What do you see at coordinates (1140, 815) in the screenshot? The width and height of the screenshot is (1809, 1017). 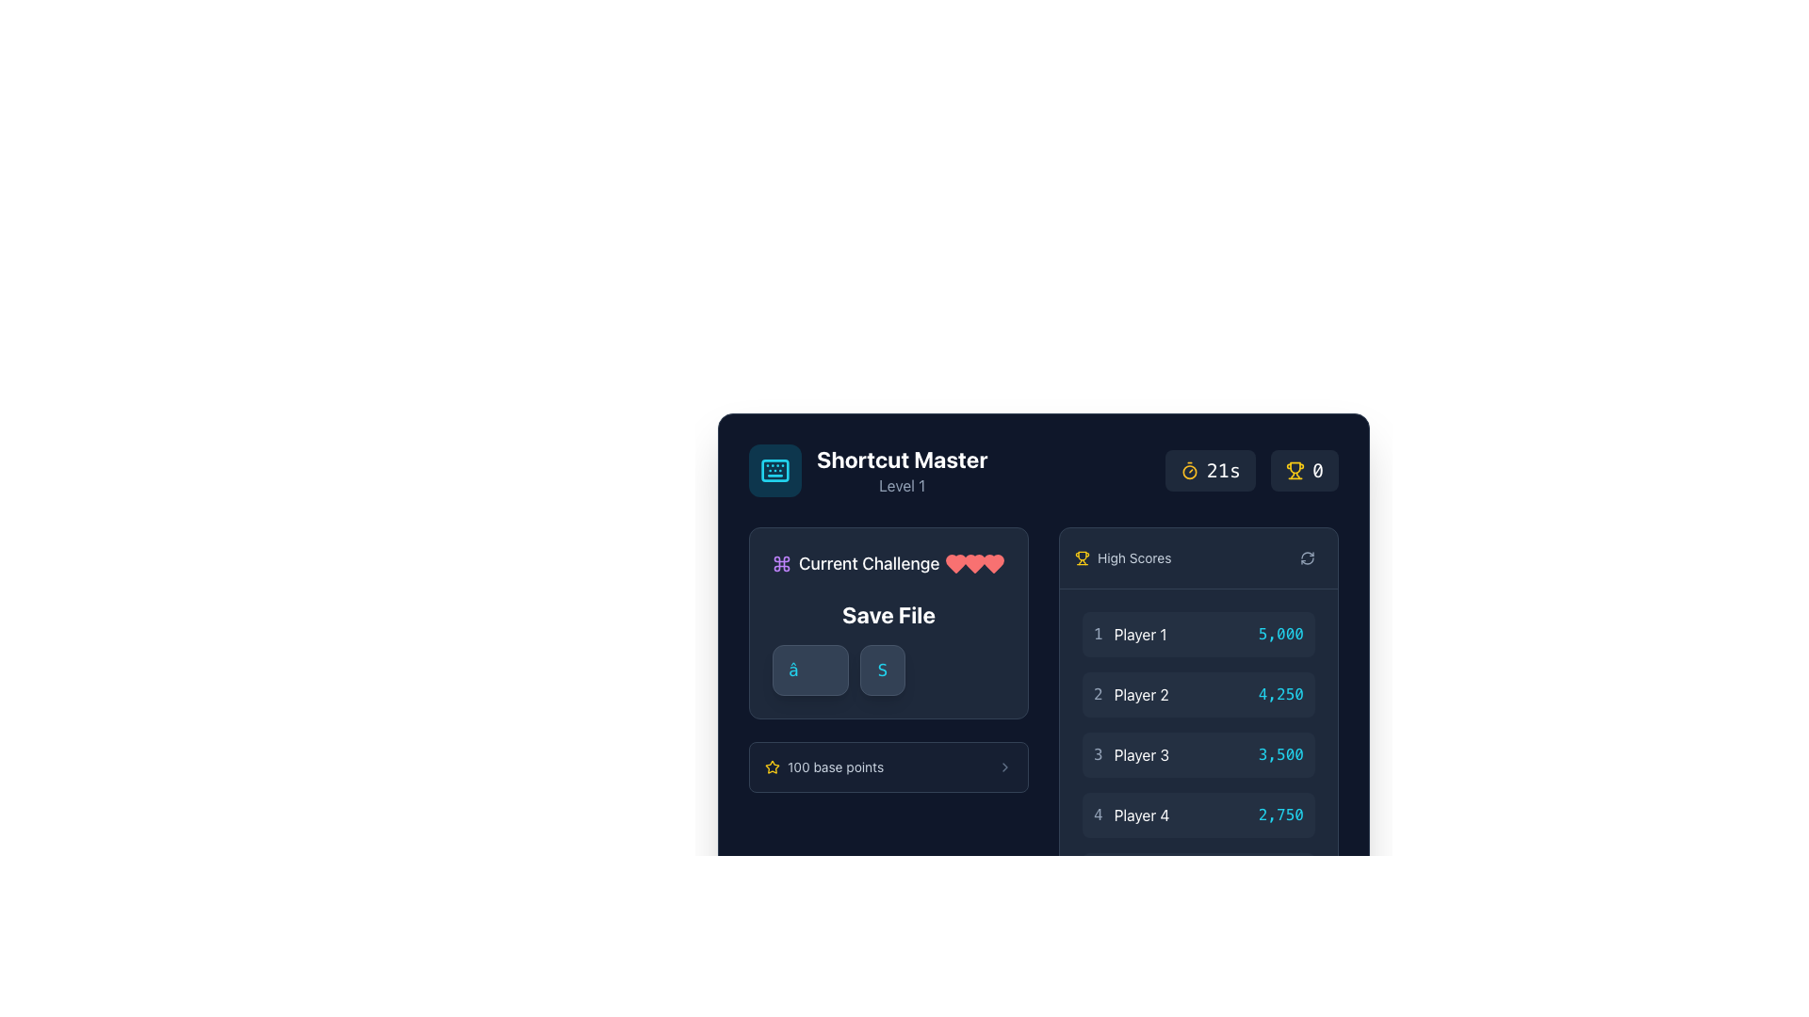 I see `the text label displaying 'Player 4' in the 'High Scores' panel, which is prominently styled in white against a dark background and is located in the fourth position of the list` at bounding box center [1140, 815].